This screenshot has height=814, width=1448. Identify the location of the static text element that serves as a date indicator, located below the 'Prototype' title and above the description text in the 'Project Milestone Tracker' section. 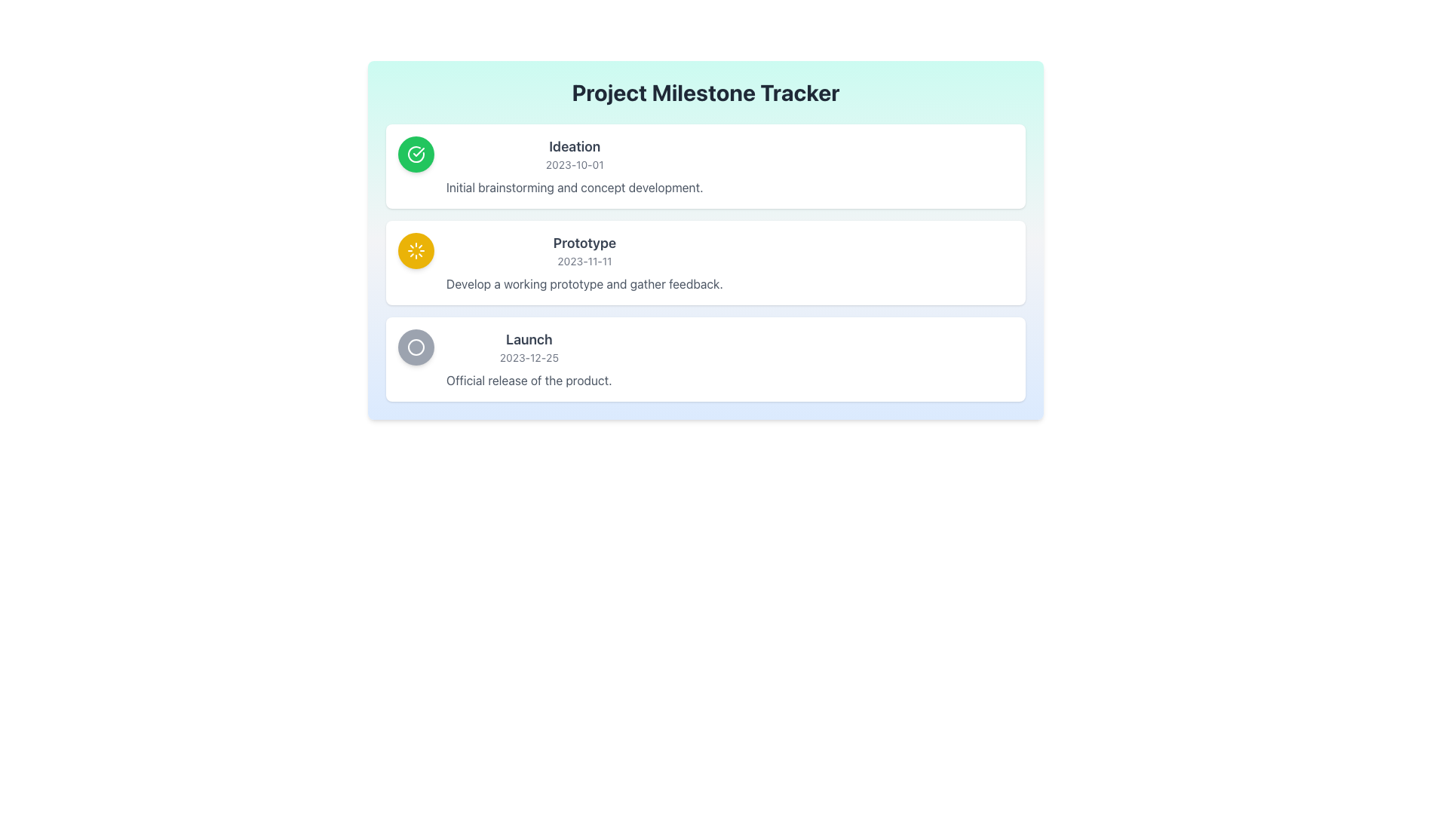
(584, 261).